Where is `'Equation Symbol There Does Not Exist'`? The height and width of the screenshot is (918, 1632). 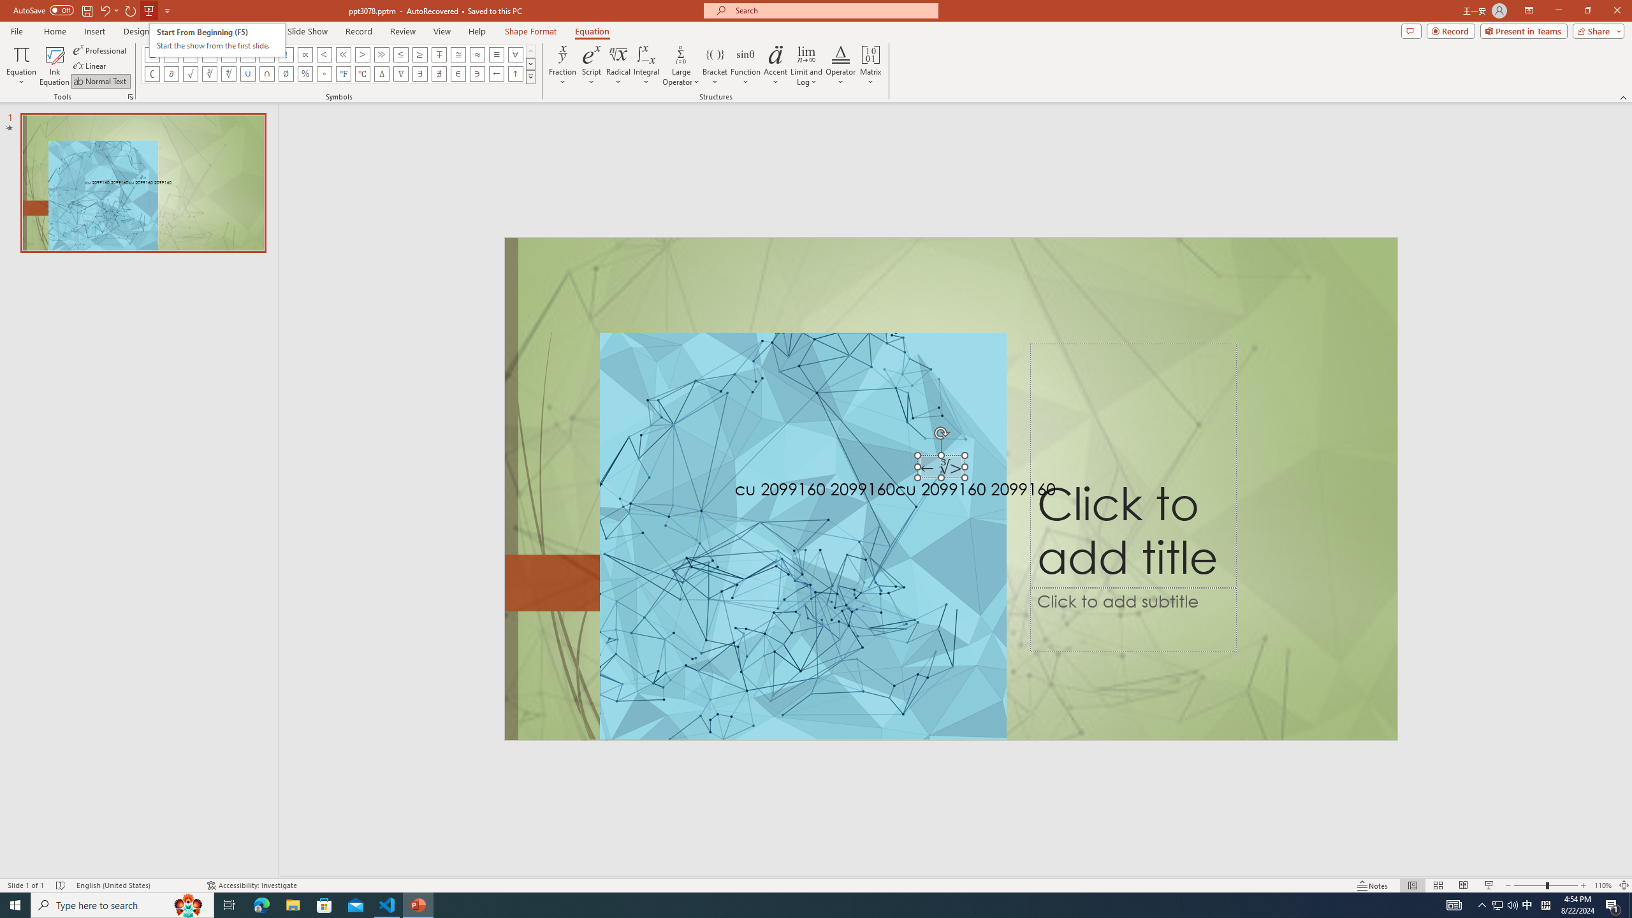 'Equation Symbol There Does Not Exist' is located at coordinates (439, 73).